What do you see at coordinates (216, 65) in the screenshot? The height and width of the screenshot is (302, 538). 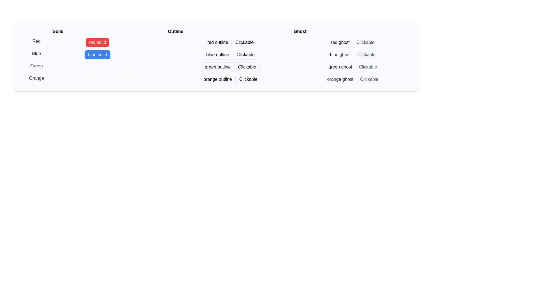 I see `the button styled with an outline theme located in the 'Green' row and 'Outline' column` at bounding box center [216, 65].